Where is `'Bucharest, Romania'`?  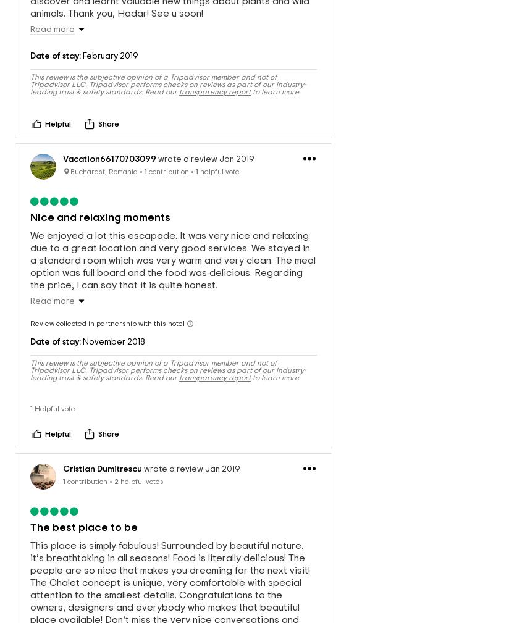 'Bucharest, Romania' is located at coordinates (103, 157).